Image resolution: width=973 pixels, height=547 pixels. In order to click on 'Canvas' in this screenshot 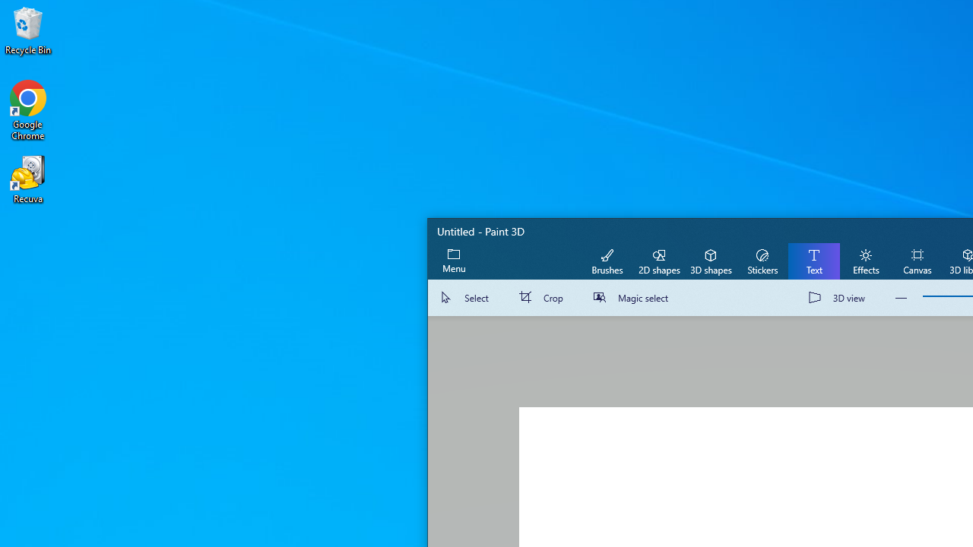, I will do `click(917, 260)`.